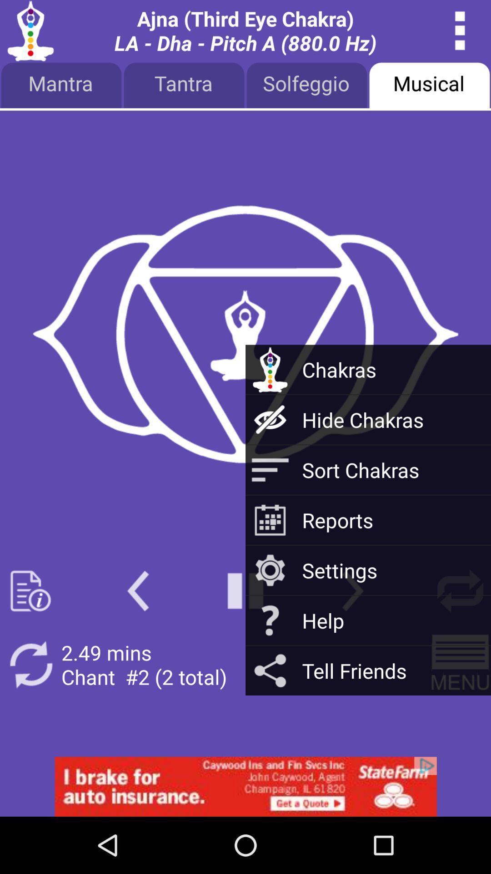 This screenshot has width=491, height=874. What do you see at coordinates (245, 632) in the screenshot?
I see `the pause icon` at bounding box center [245, 632].